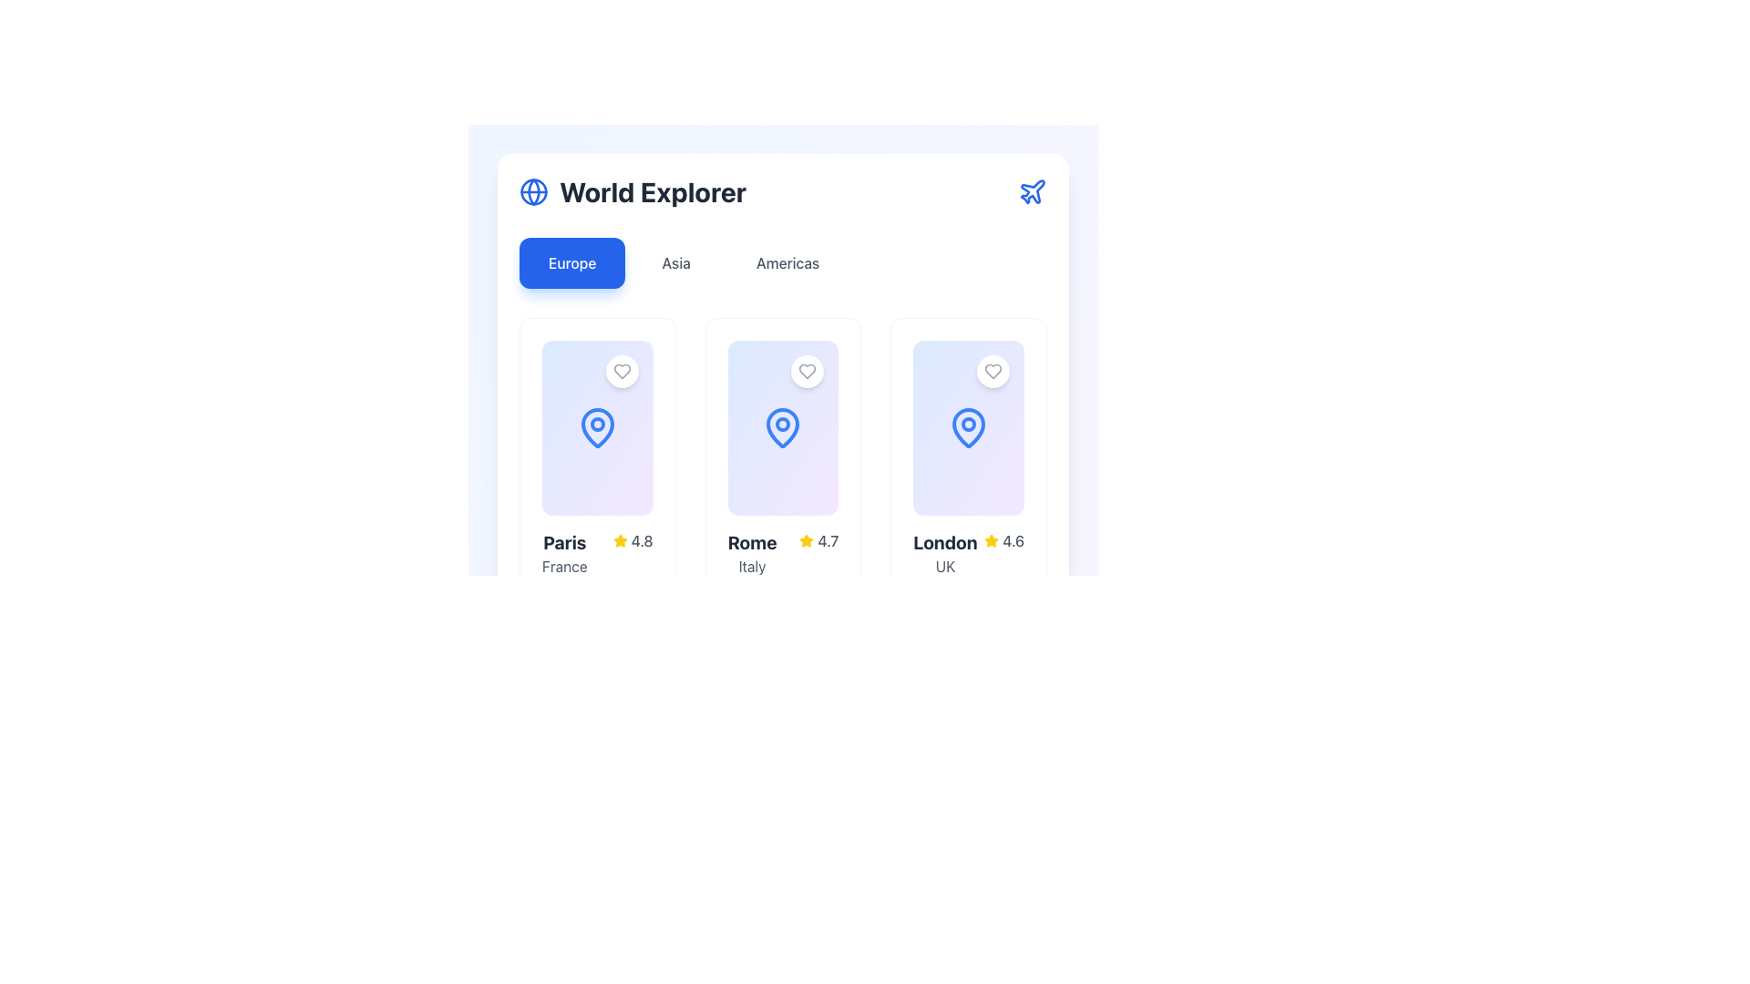  I want to click on the interactive button in the top-right corner of the 'Rome' card, so click(807, 371).